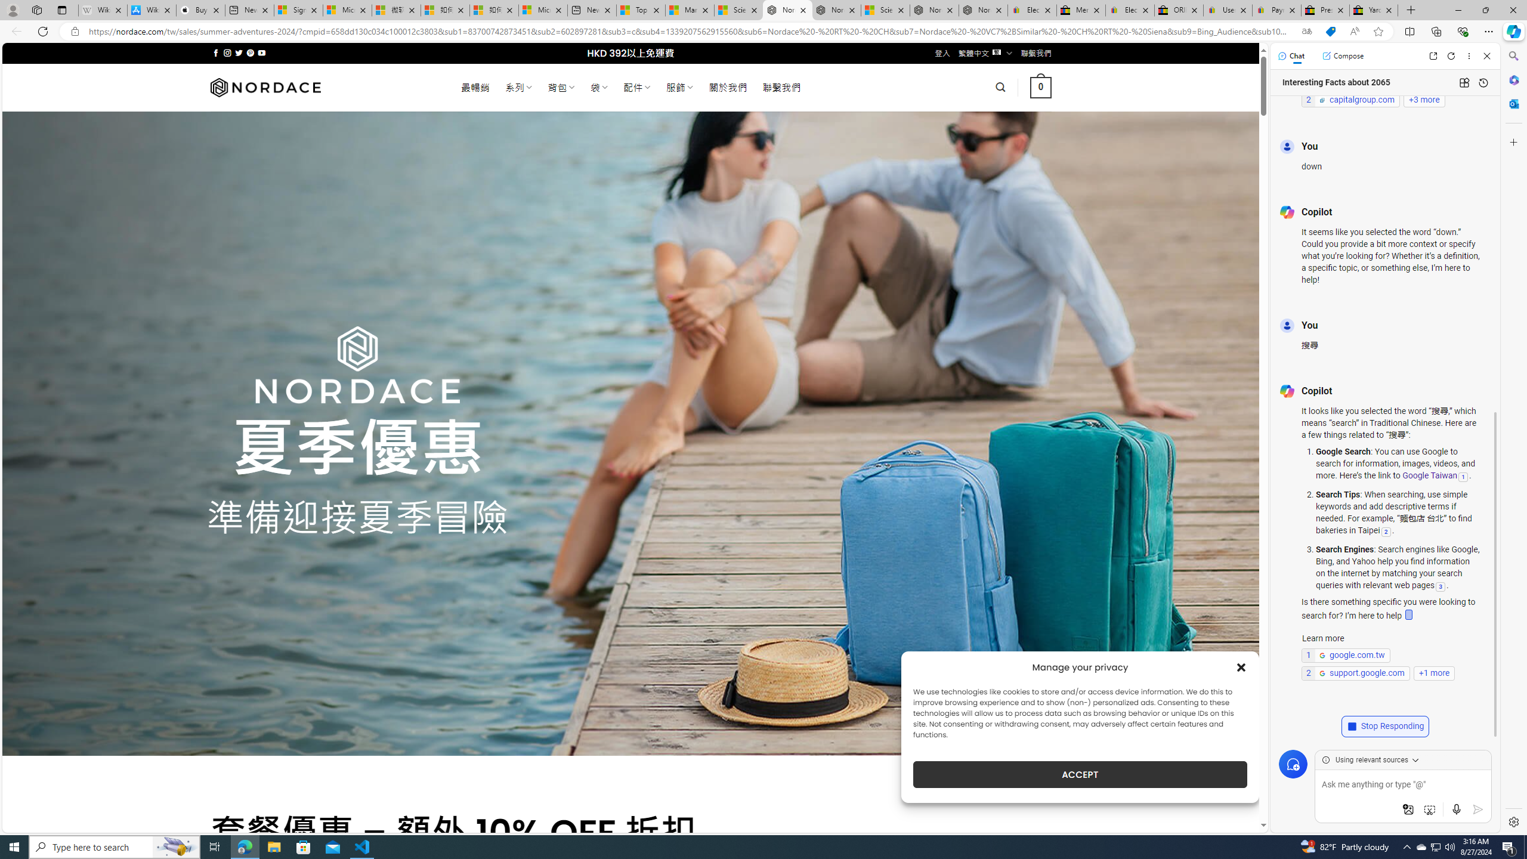  What do you see at coordinates (1512, 103) in the screenshot?
I see `'Outlook'` at bounding box center [1512, 103].